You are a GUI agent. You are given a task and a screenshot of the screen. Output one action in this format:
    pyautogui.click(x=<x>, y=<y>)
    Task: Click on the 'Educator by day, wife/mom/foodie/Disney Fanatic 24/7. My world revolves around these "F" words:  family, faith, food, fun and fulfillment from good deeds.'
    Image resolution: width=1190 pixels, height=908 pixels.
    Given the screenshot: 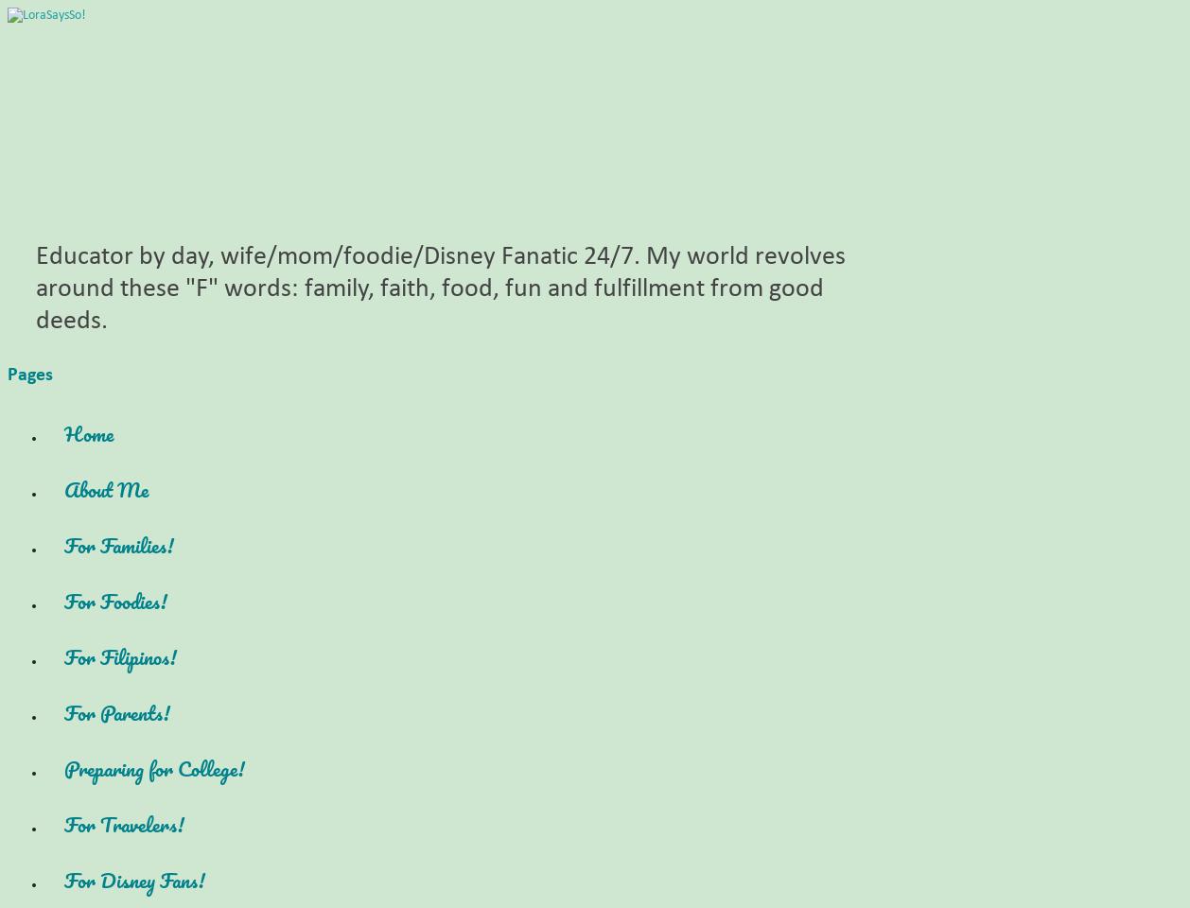 What is the action you would take?
    pyautogui.click(x=439, y=288)
    